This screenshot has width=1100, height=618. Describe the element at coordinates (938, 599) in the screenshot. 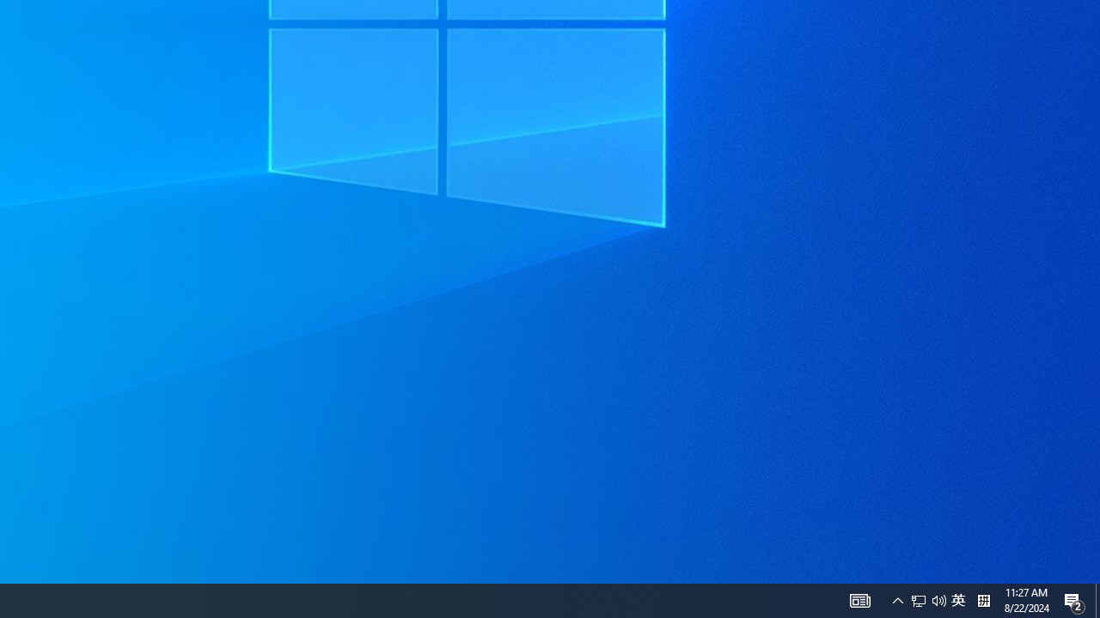

I see `'Notification Chevron'` at that location.